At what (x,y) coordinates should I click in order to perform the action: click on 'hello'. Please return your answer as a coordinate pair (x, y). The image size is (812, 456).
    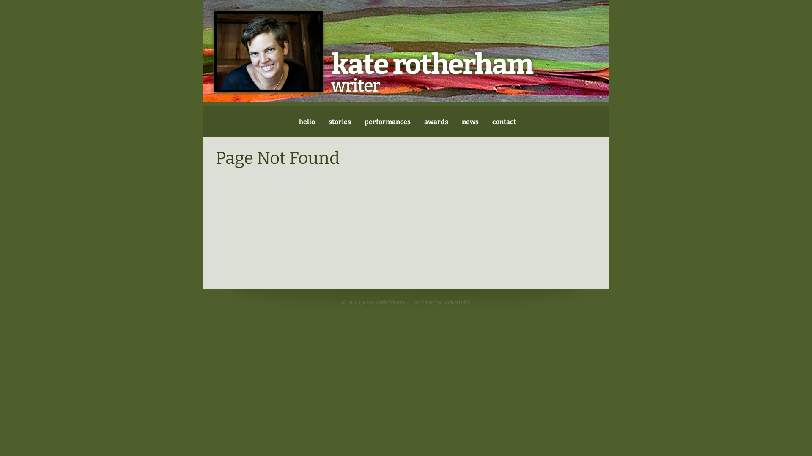
    Looking at the image, I should click on (306, 122).